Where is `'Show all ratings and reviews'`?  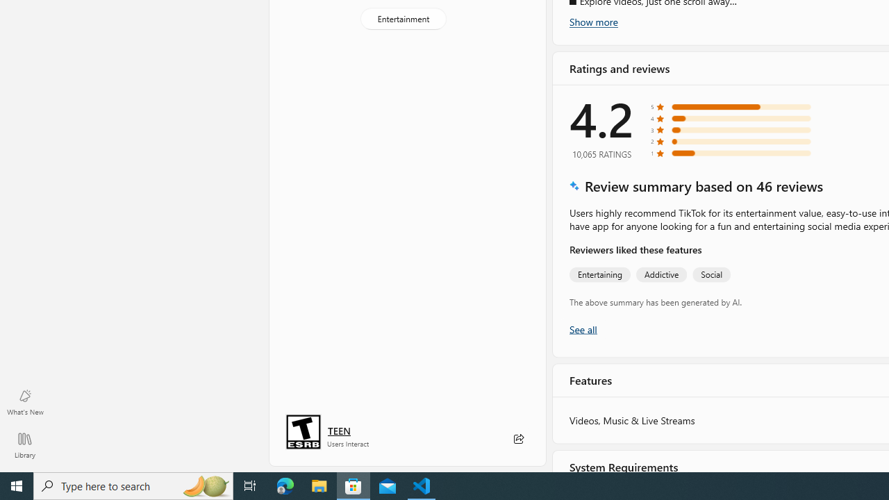
'Show all ratings and reviews' is located at coordinates (583, 328).